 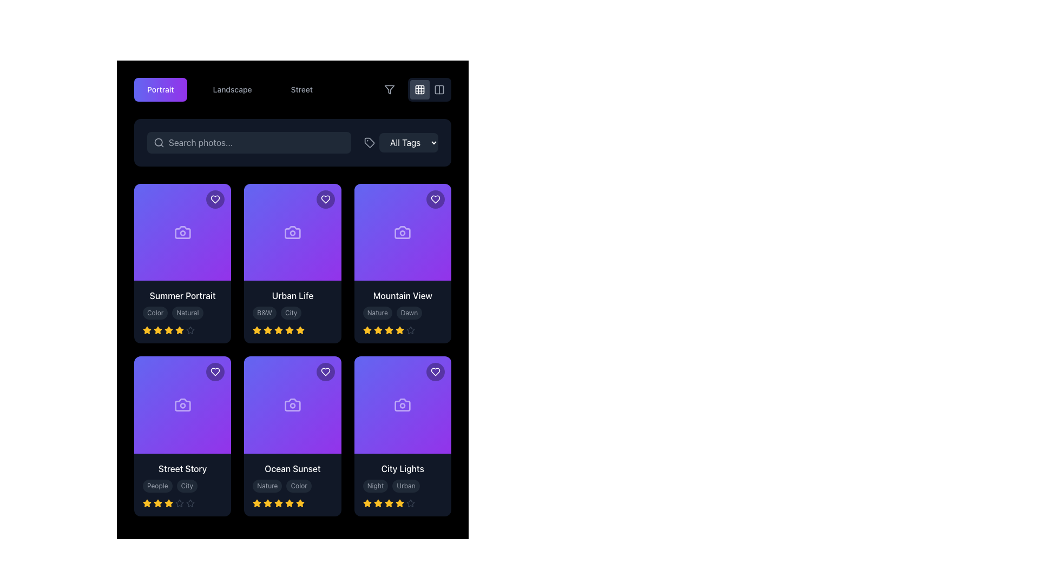 I want to click on the decorative camera icon located at the center of the purple card labeled 'Ocean Sunset', which is situated in the second row and second column of the grid layout, so click(x=293, y=404).